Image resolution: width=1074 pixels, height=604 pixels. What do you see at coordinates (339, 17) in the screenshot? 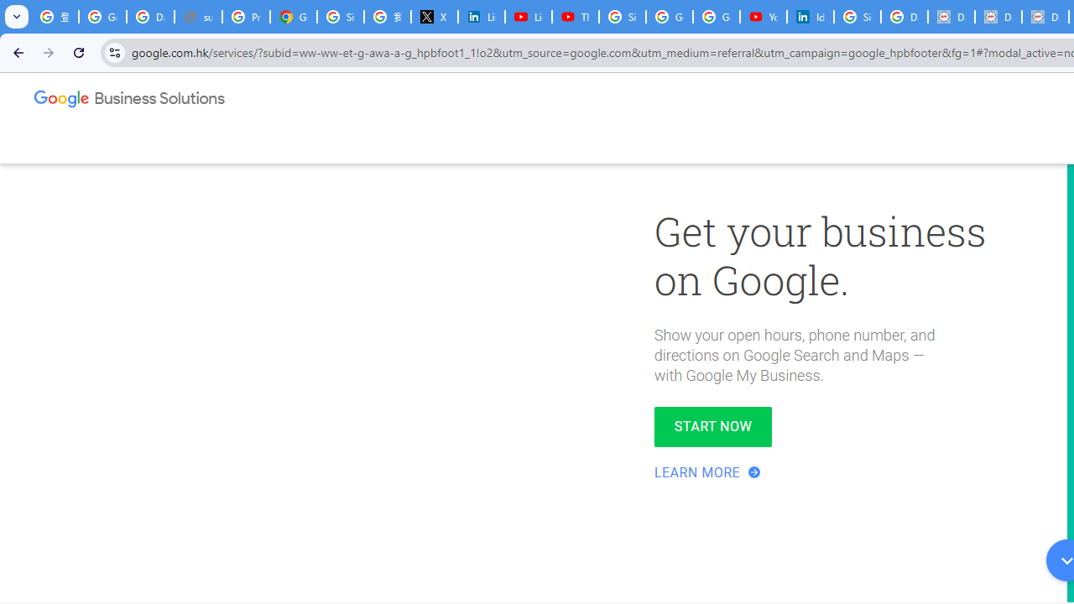
I see `'Sign in - Google Accounts'` at bounding box center [339, 17].